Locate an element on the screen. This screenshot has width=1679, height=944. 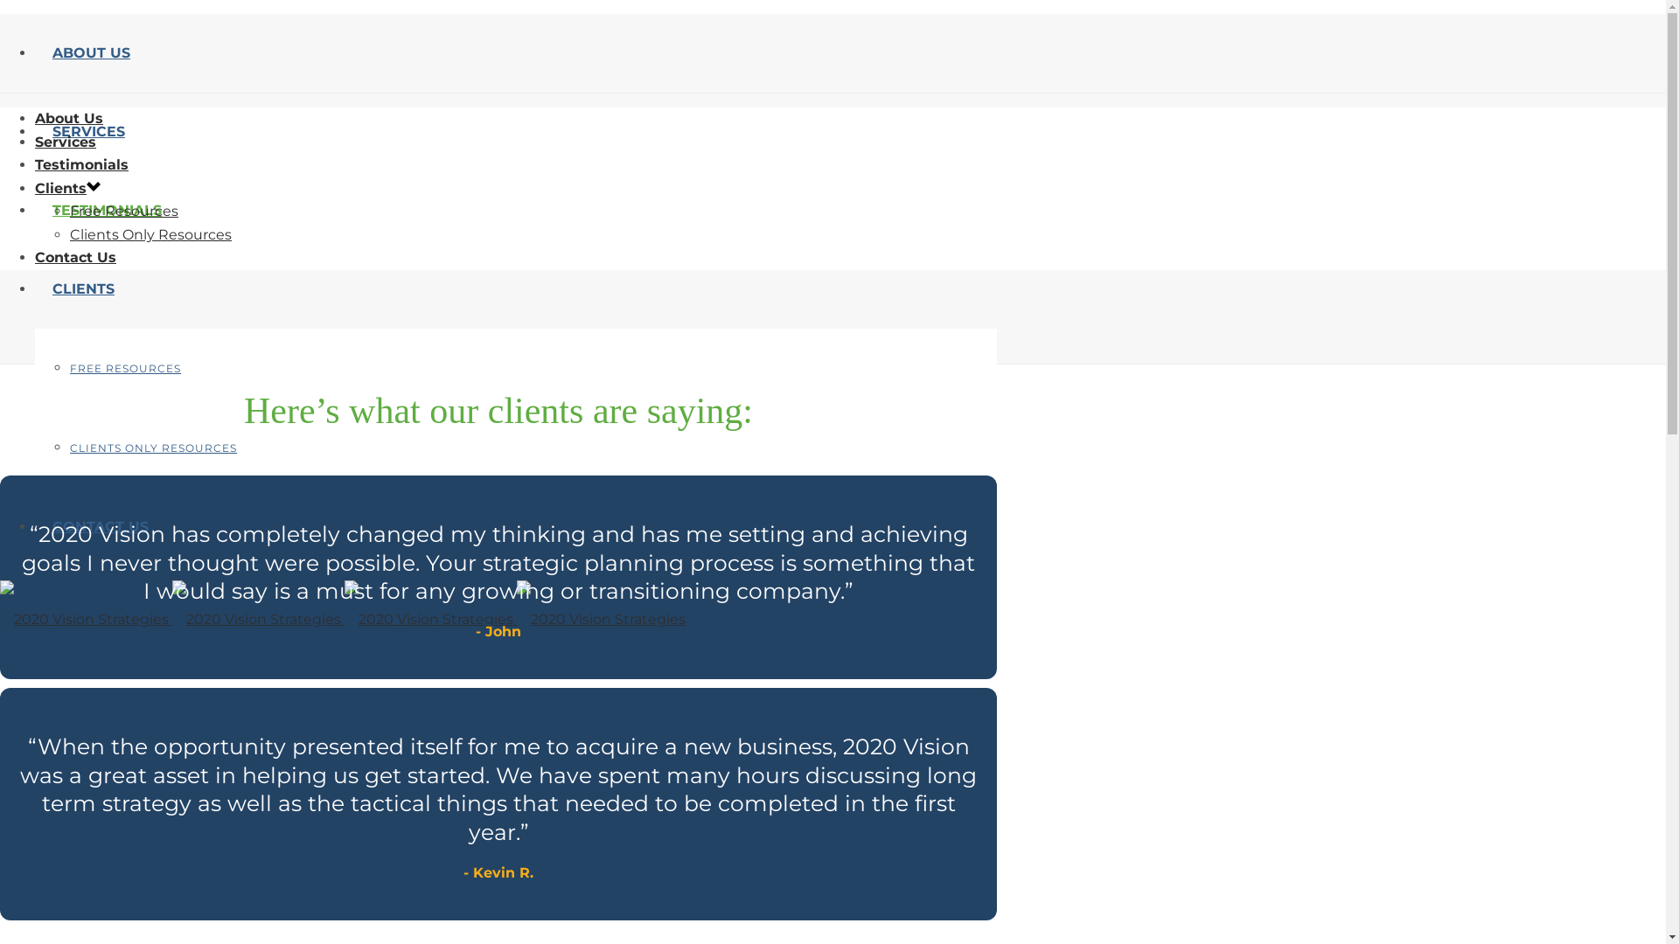
'Services' is located at coordinates (66, 141).